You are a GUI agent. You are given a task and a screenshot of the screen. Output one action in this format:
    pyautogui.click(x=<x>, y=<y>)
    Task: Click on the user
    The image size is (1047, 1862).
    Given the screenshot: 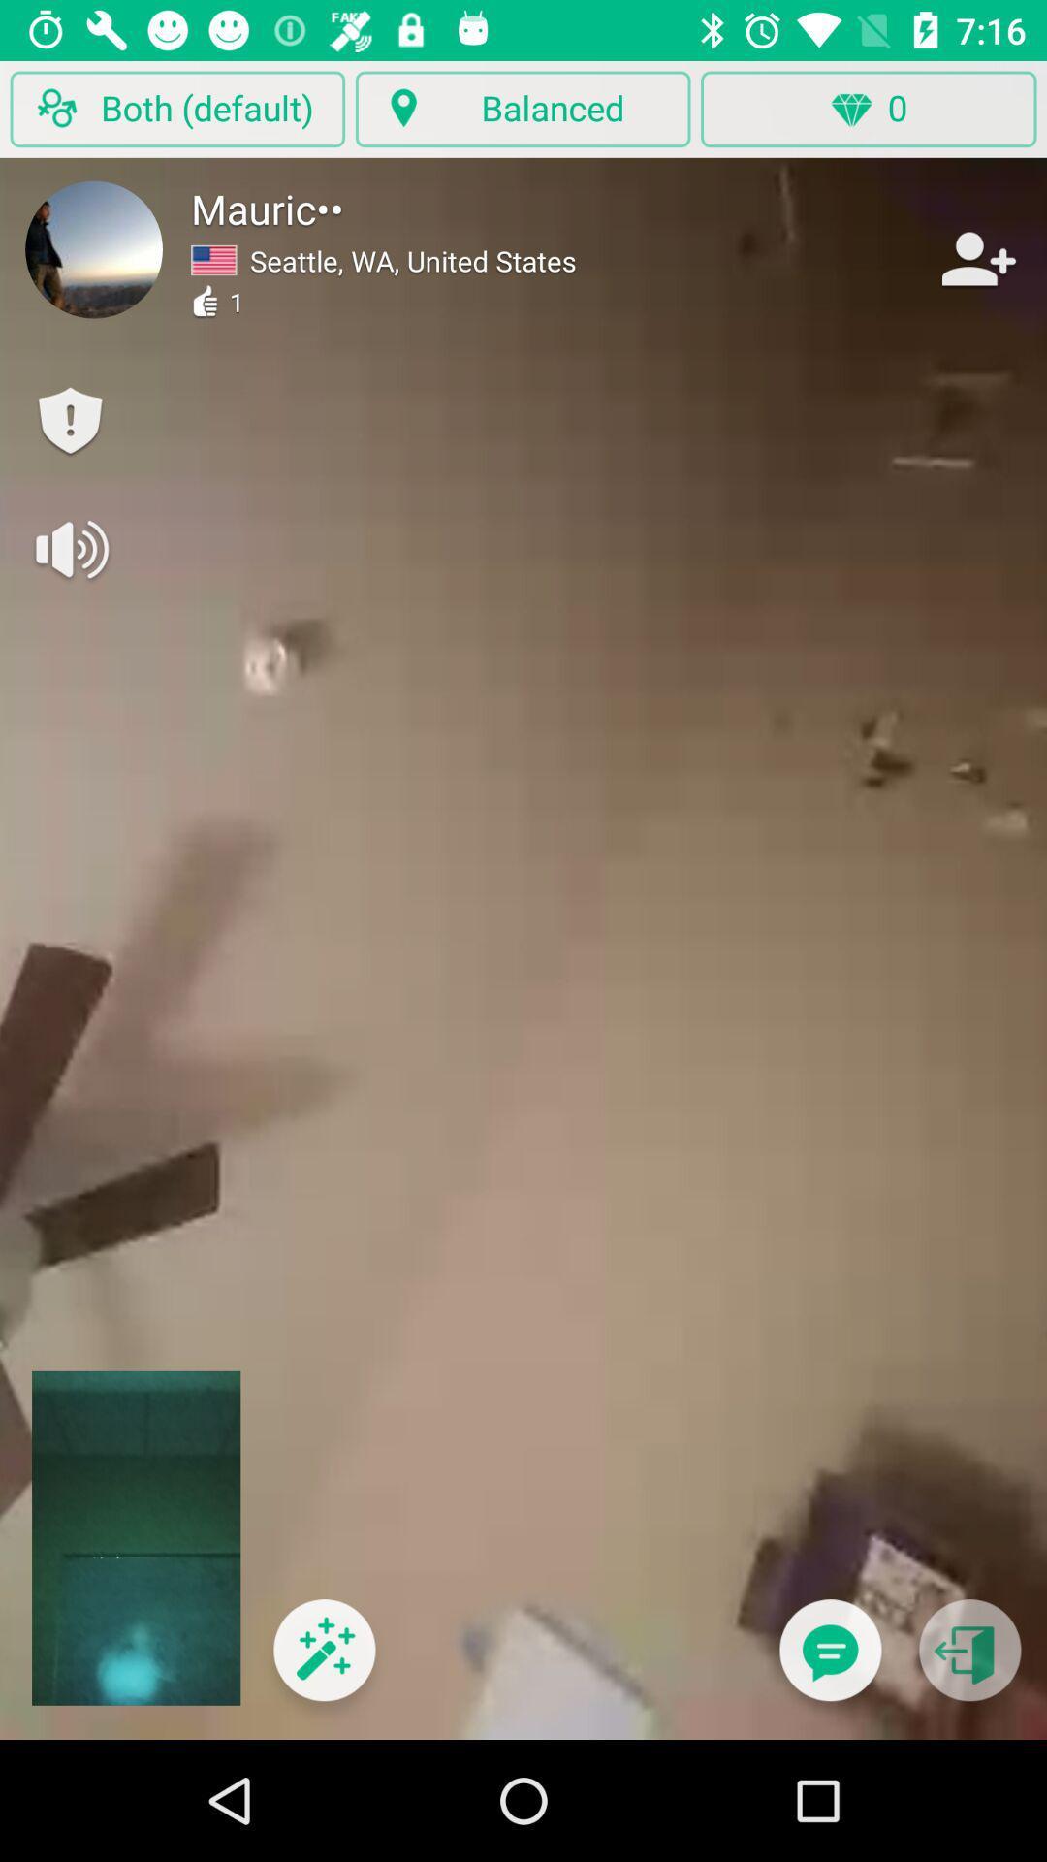 What is the action you would take?
    pyautogui.click(x=976, y=258)
    